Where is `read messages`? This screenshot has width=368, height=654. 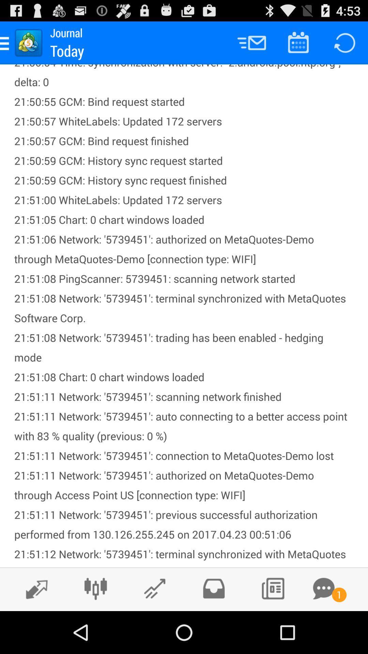
read messages is located at coordinates (323, 588).